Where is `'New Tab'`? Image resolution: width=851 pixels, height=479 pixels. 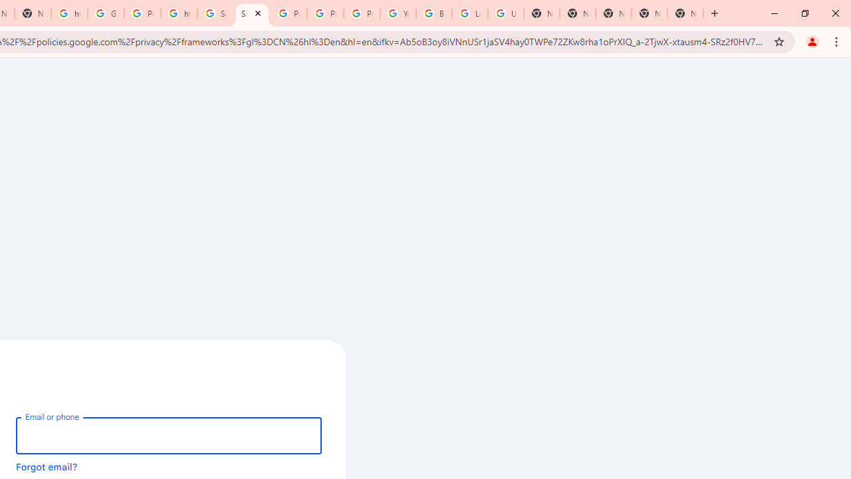
'New Tab' is located at coordinates (685, 13).